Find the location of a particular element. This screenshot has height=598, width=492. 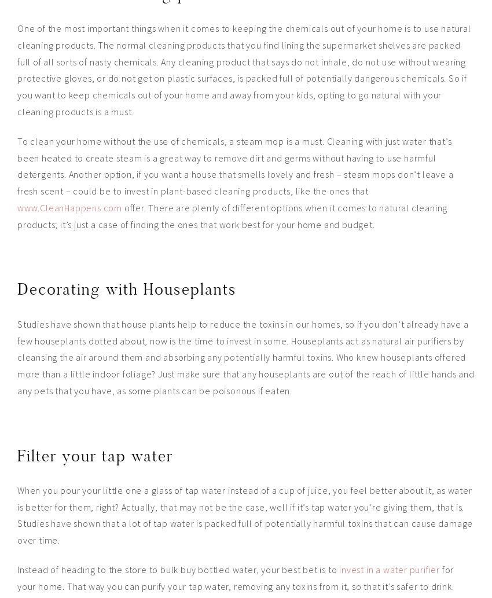

'When you pour your little one a glass of tap water instead of a cup of juice, you feel better about it, as water is better for them, right? Actually, that may not be the case, well if it’s tap water you’re giving them, that is. Studies have shown that a lot of tap water is packed full of potentially harmful toxins that can cause damage over time.' is located at coordinates (245, 514).